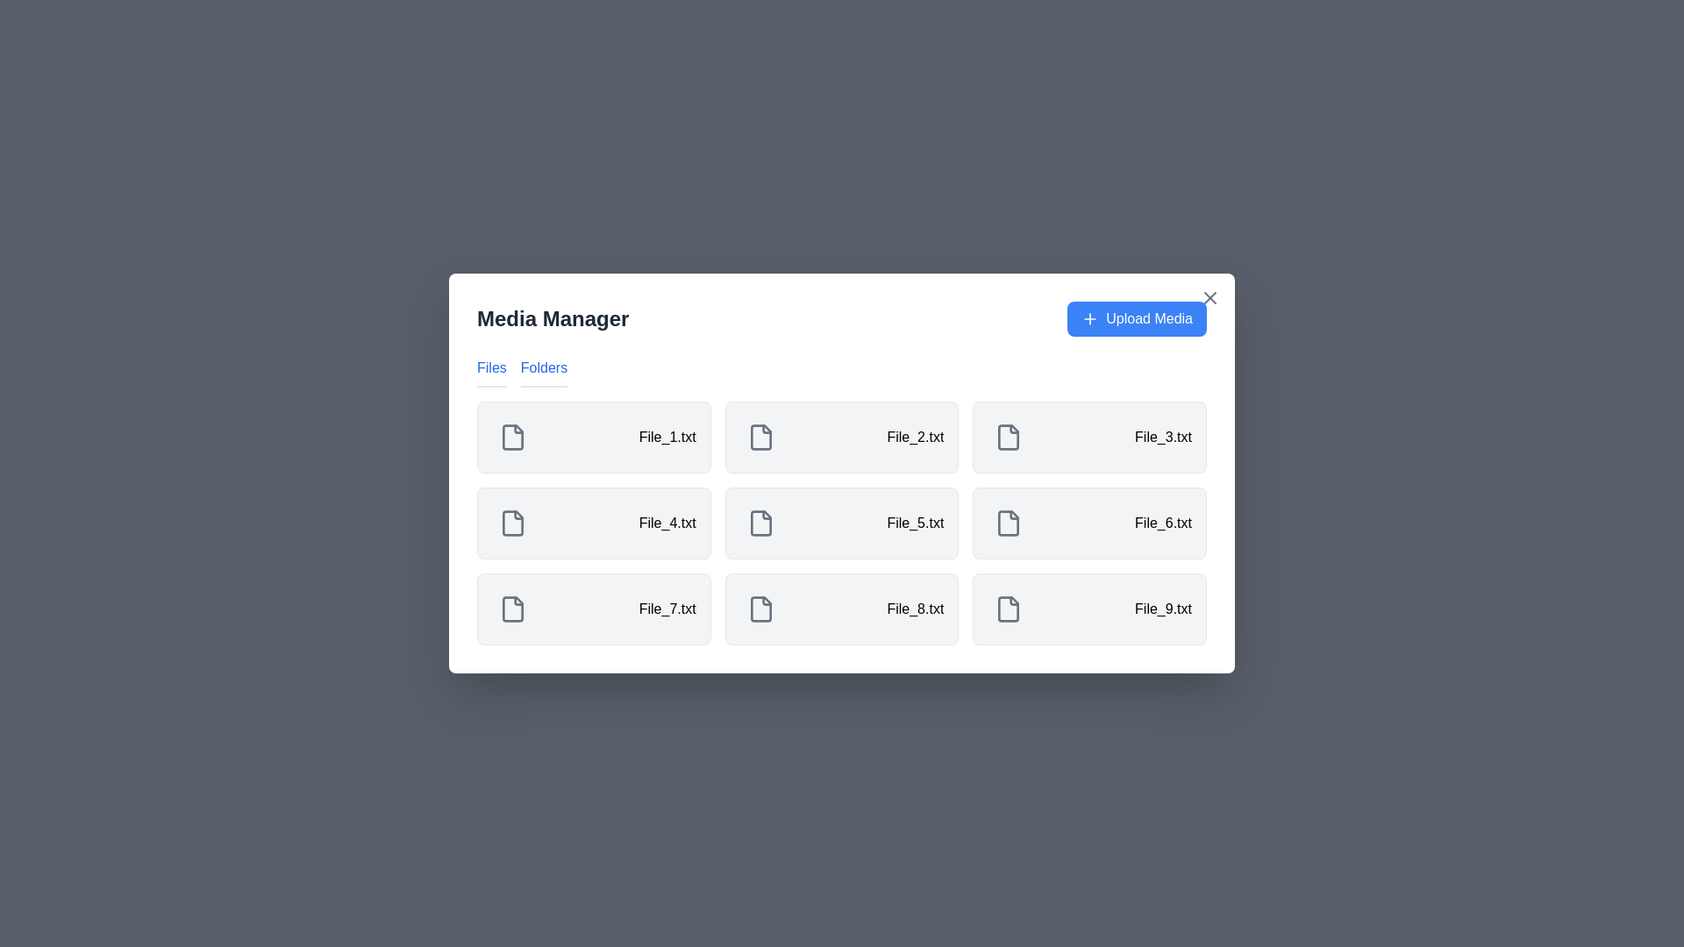 Image resolution: width=1684 pixels, height=947 pixels. I want to click on the 'Media Manager' heading text label, which is bold and prominently displayed in dark gray color, located in the header area of the interface, so click(552, 318).